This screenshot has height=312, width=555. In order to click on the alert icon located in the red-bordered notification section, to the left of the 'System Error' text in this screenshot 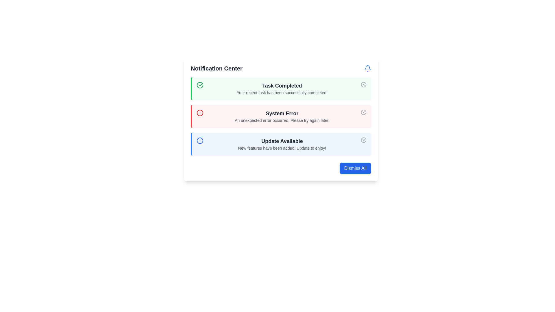, I will do `click(200, 113)`.